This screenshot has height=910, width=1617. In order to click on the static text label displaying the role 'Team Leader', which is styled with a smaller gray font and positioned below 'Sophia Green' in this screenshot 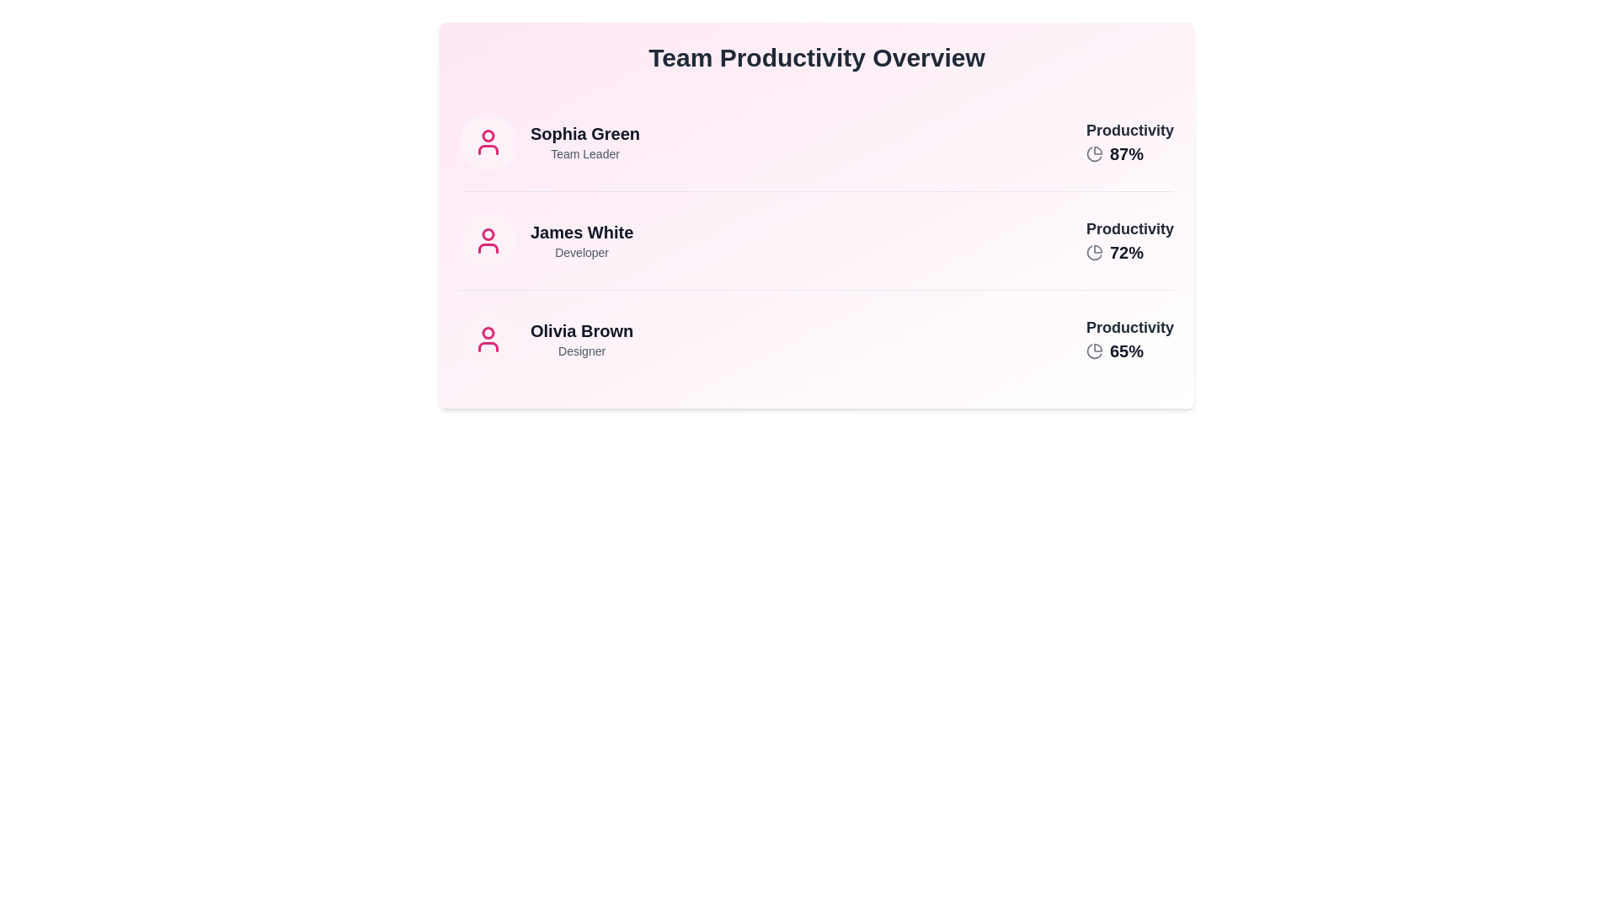, I will do `click(585, 153)`.